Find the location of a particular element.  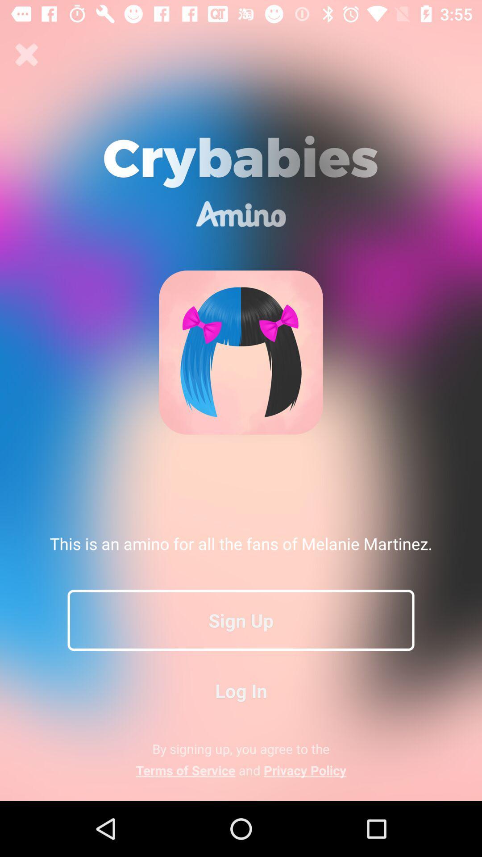

the close icon is located at coordinates (26, 54).